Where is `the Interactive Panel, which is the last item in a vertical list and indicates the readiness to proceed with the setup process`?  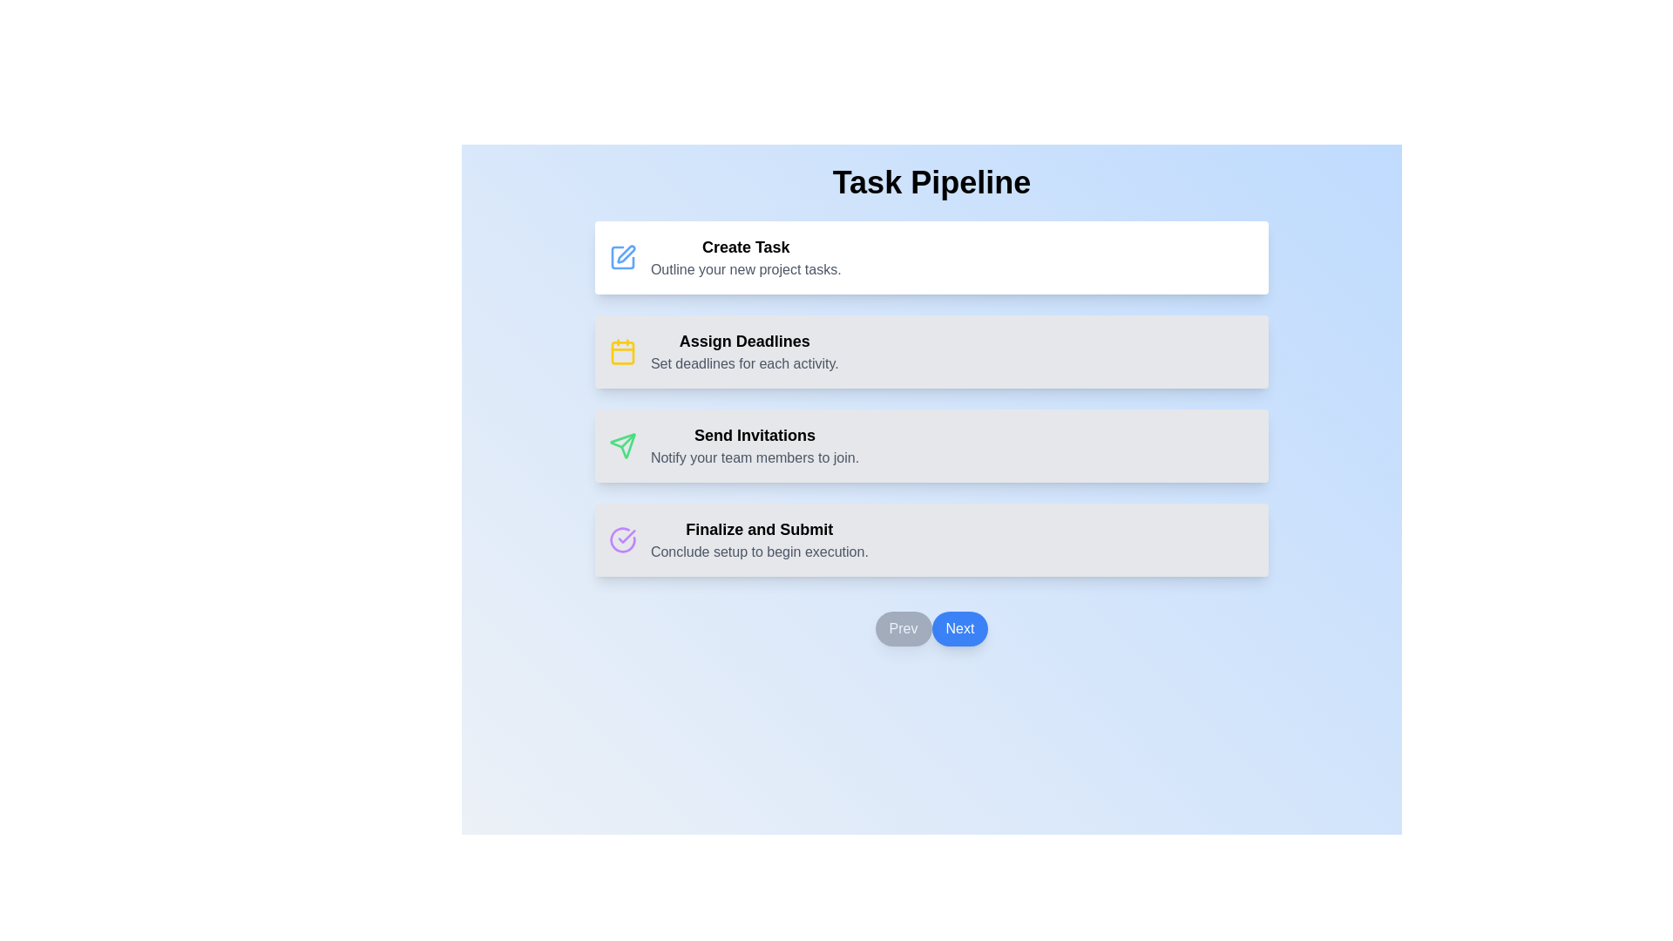
the Interactive Panel, which is the last item in a vertical list and indicates the readiness to proceed with the setup process is located at coordinates (931, 539).